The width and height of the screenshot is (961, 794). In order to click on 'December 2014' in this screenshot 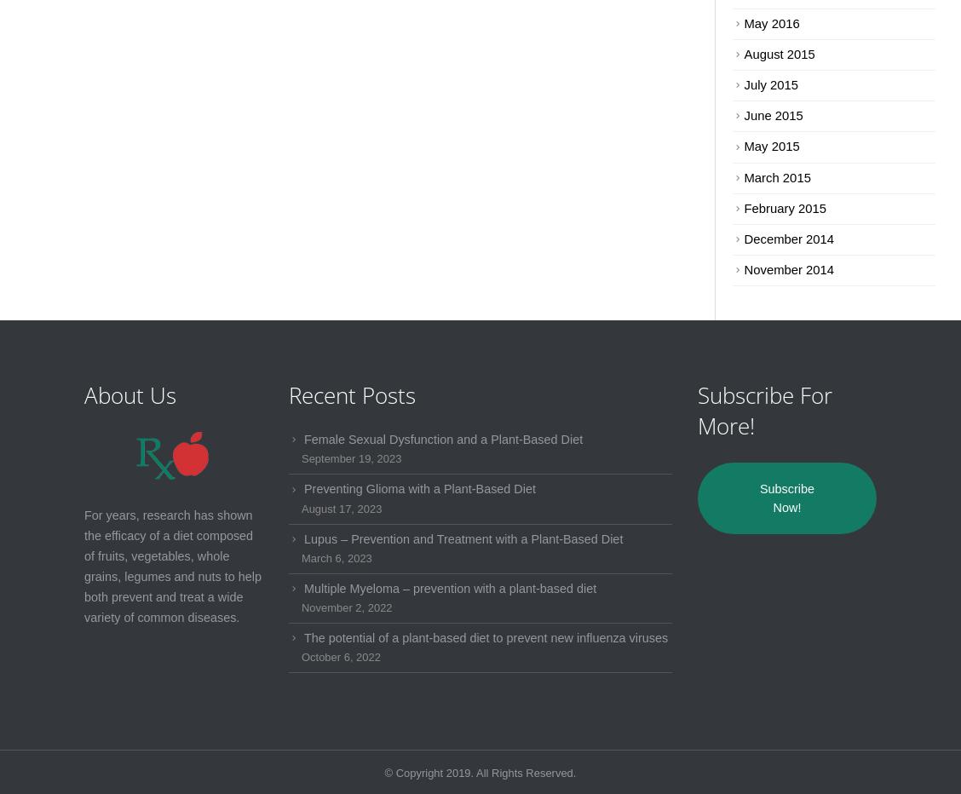, I will do `click(788, 237)`.